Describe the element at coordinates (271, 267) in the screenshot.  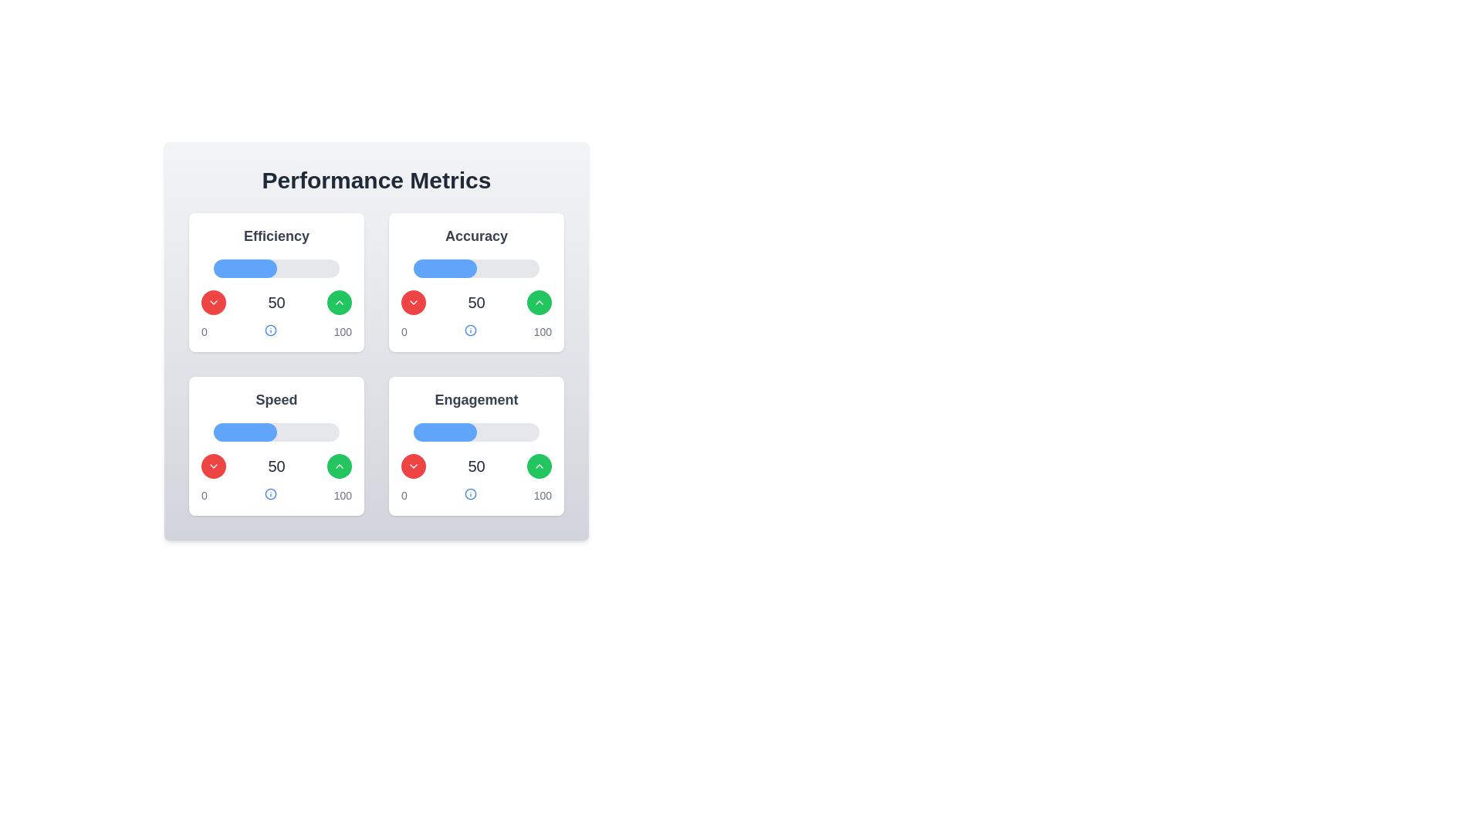
I see `the efficiency value` at that location.